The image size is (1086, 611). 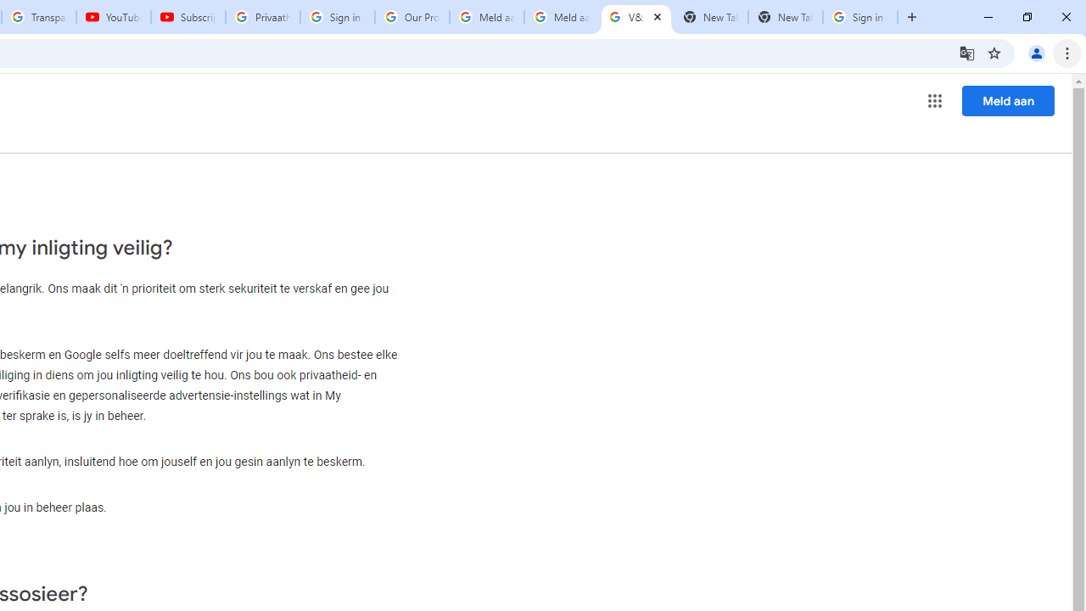 I want to click on 'Meld aan', so click(x=1008, y=100).